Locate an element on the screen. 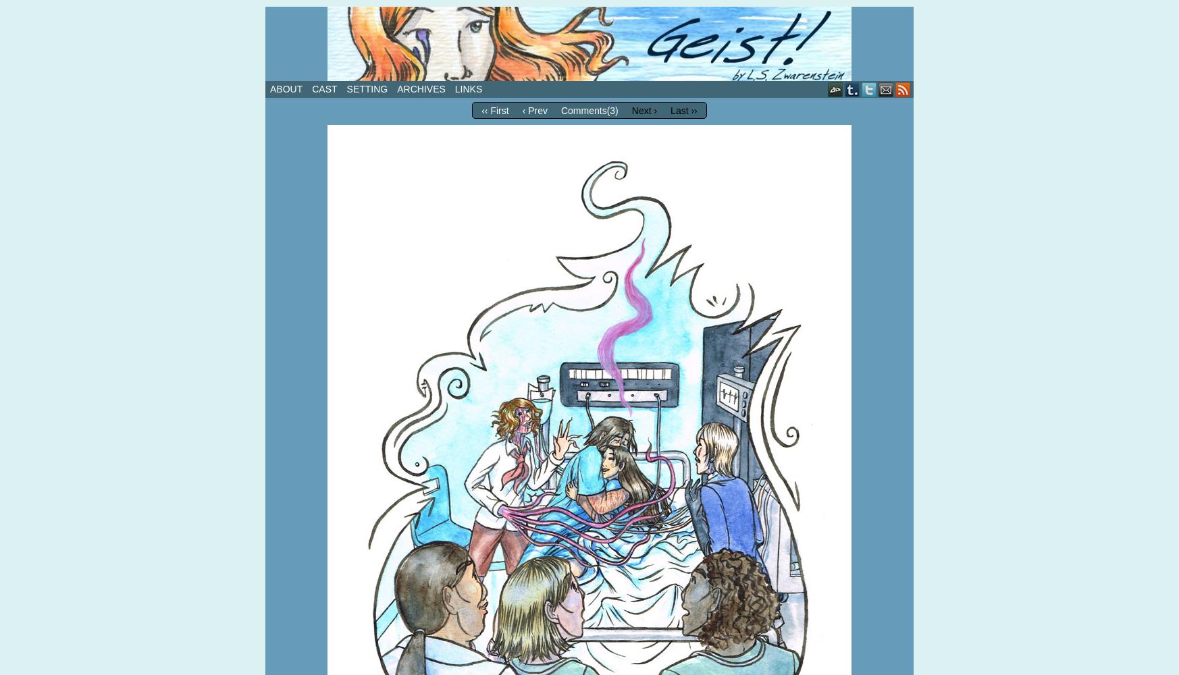 This screenshot has height=675, width=1179. 'Setting' is located at coordinates (366, 89).